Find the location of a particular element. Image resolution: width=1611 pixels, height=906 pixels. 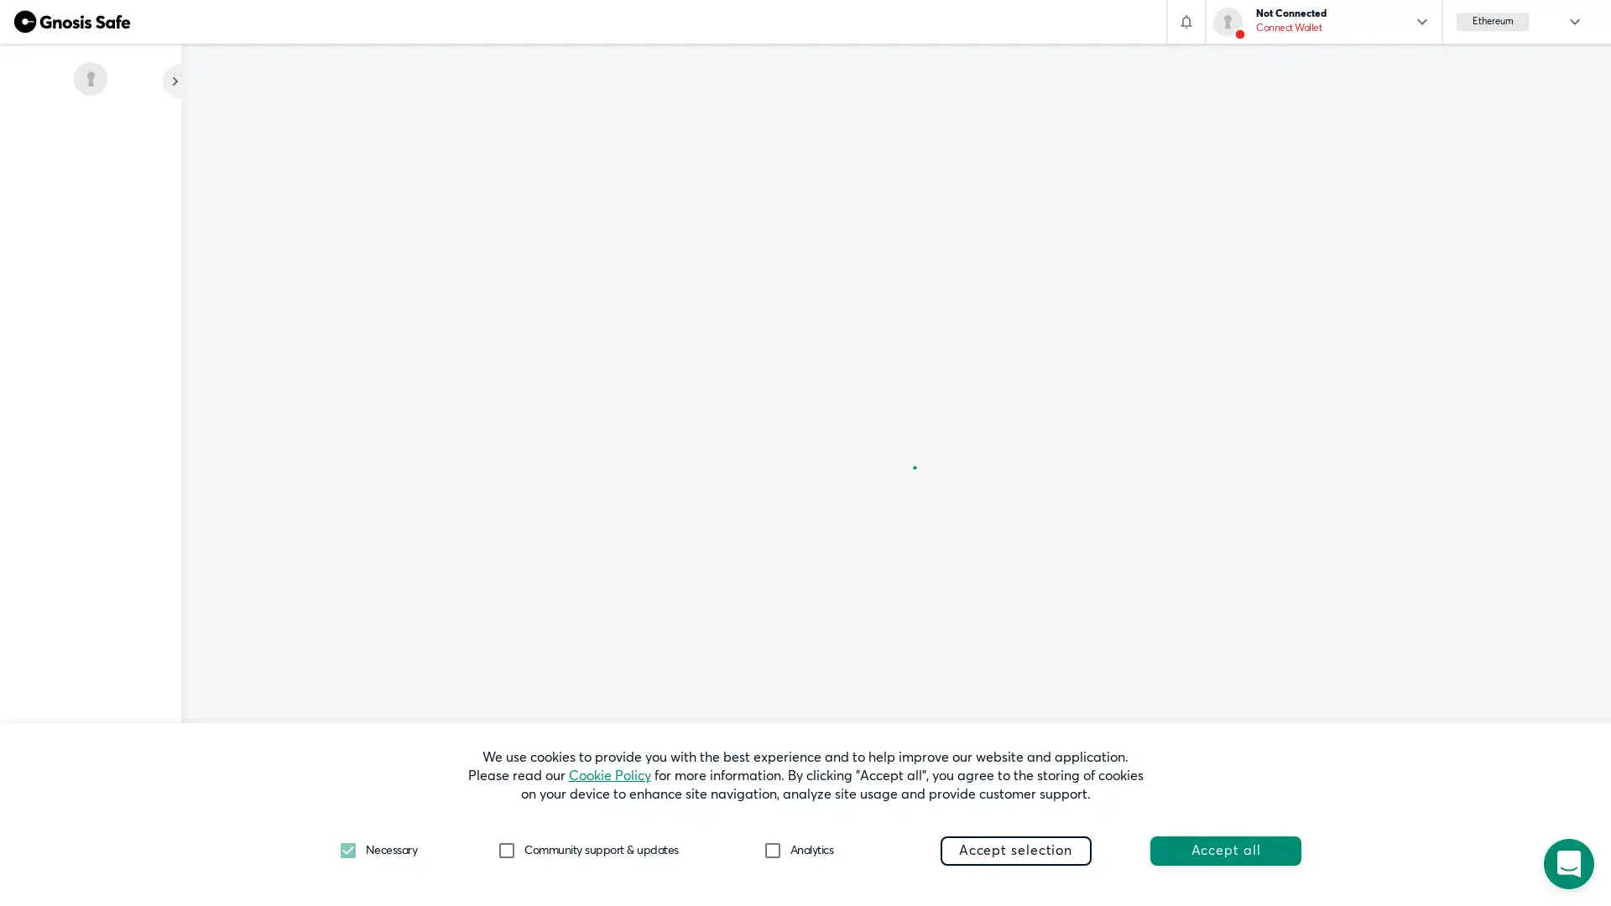

Continue is located at coordinates (644, 306).